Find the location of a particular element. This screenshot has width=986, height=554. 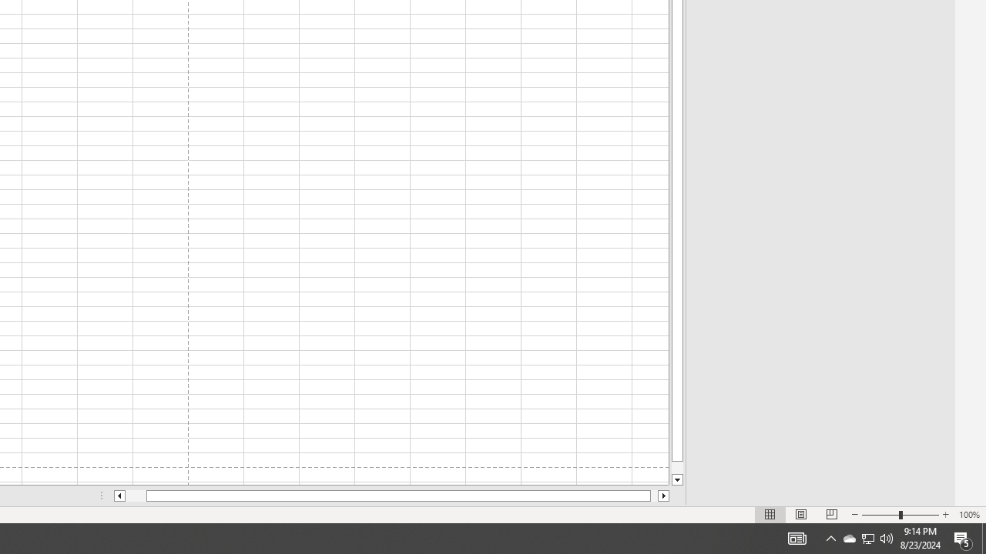

'Zoom Out' is located at coordinates (880, 515).